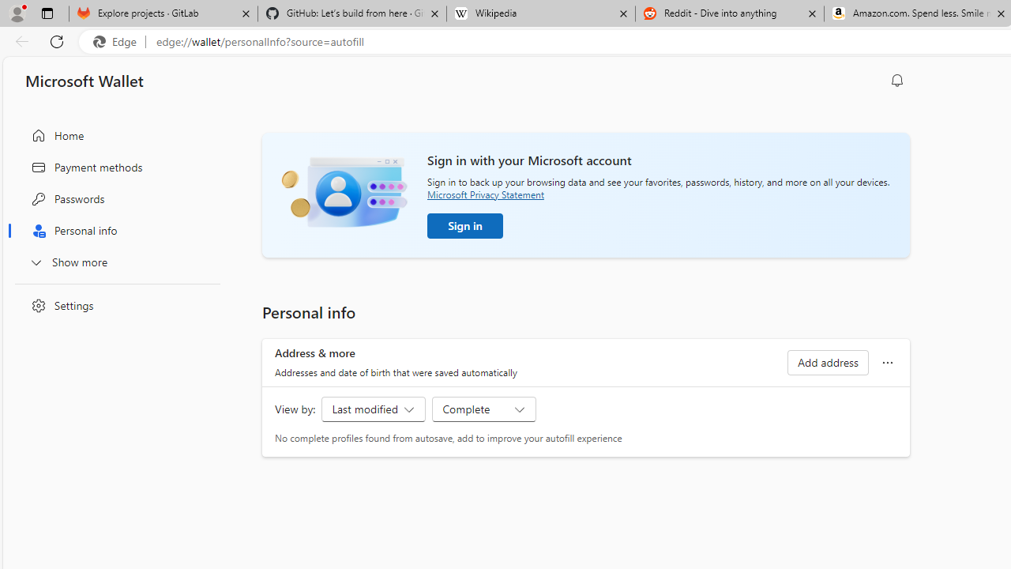  What do you see at coordinates (113, 261) in the screenshot?
I see `'Show more'` at bounding box center [113, 261].